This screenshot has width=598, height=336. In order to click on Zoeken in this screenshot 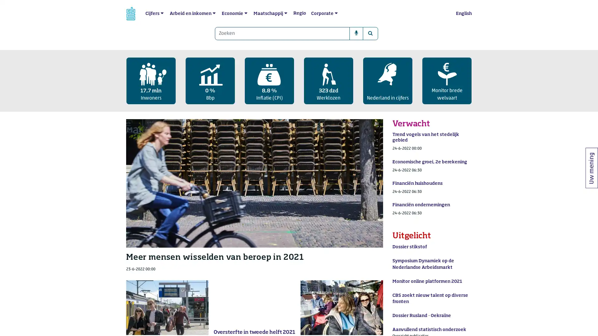, I will do `click(370, 34)`.